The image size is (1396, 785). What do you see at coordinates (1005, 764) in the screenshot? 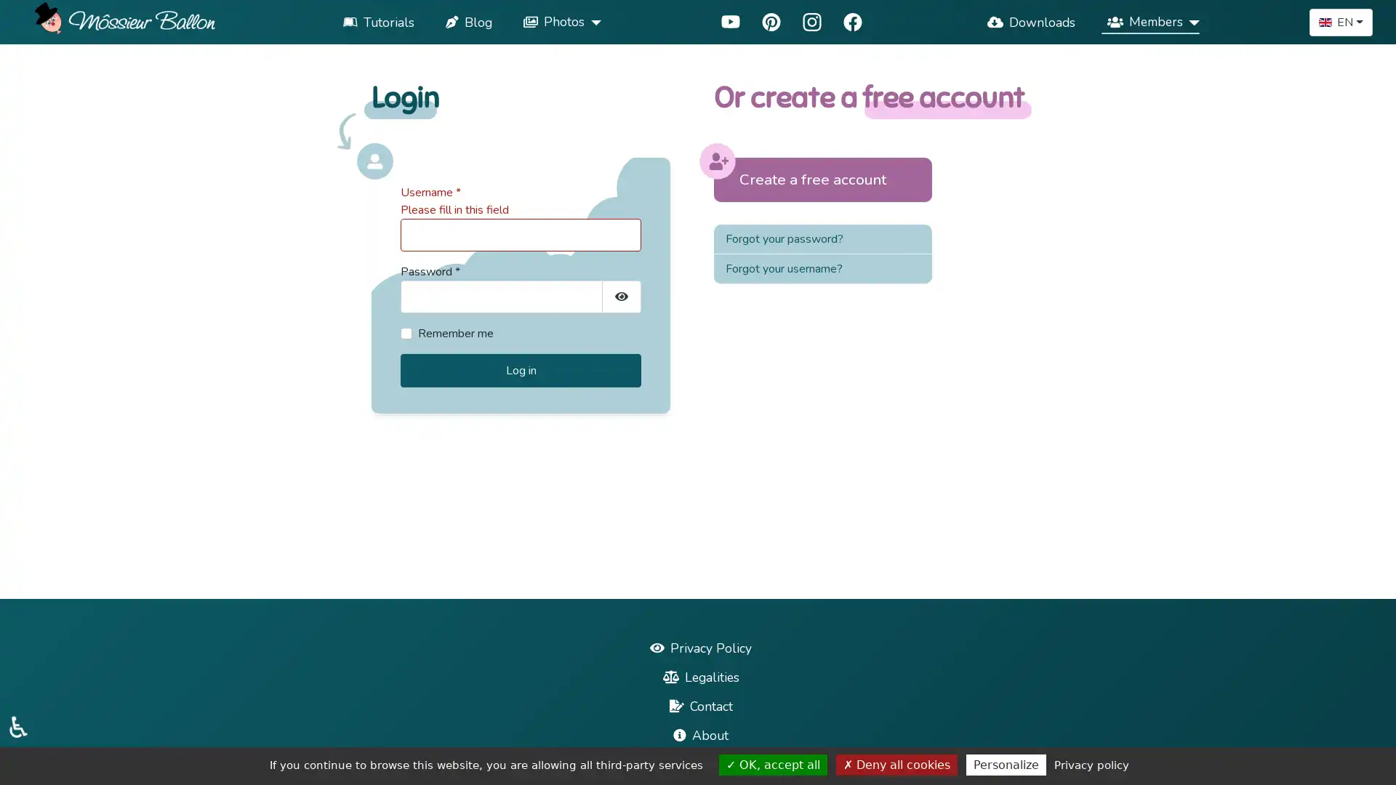
I see `Personalize (modal window)` at bounding box center [1005, 764].